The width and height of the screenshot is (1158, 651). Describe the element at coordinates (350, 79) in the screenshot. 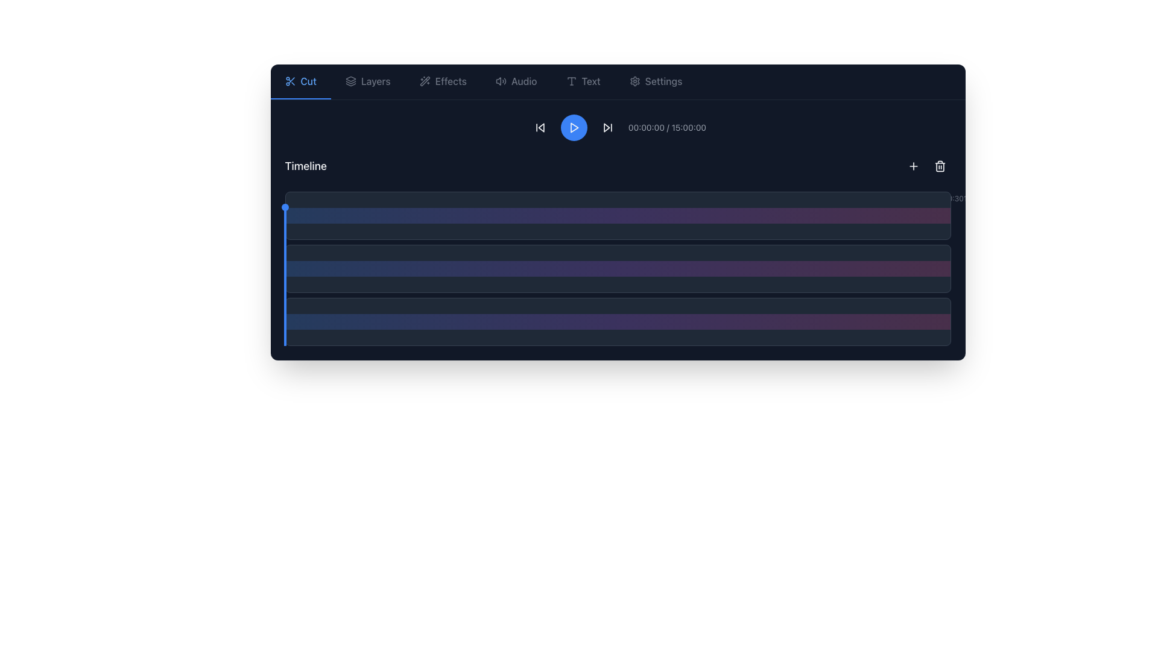

I see `the topmost layer icon related to layers or stacking functionality in the top navigation menu` at that location.